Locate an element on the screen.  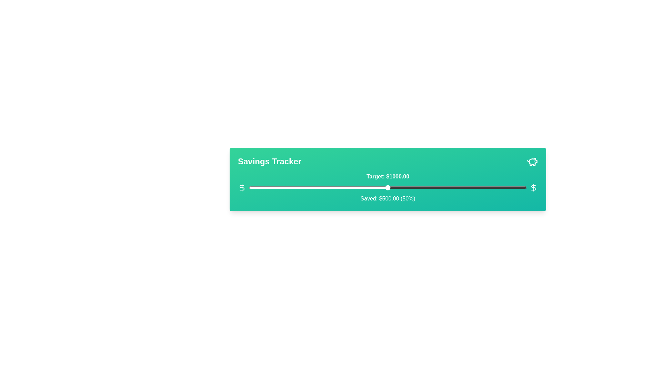
the savings tracker is located at coordinates (426, 187).